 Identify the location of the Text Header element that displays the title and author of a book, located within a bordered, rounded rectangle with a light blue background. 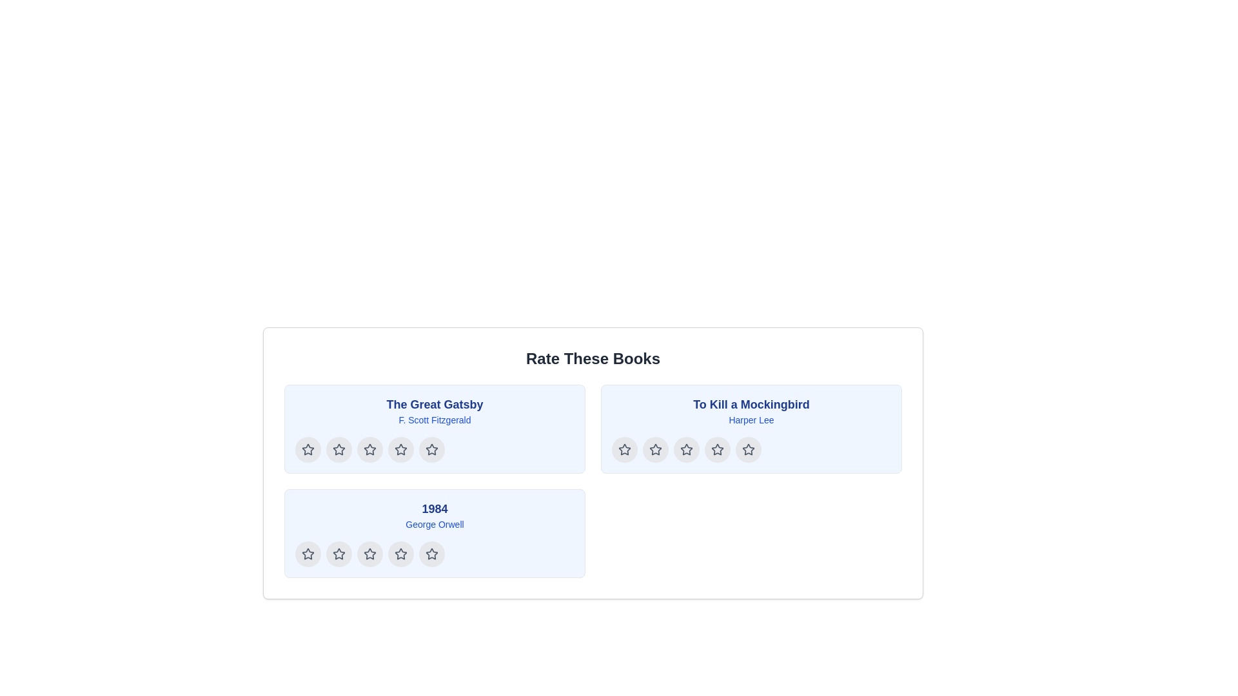
(435, 411).